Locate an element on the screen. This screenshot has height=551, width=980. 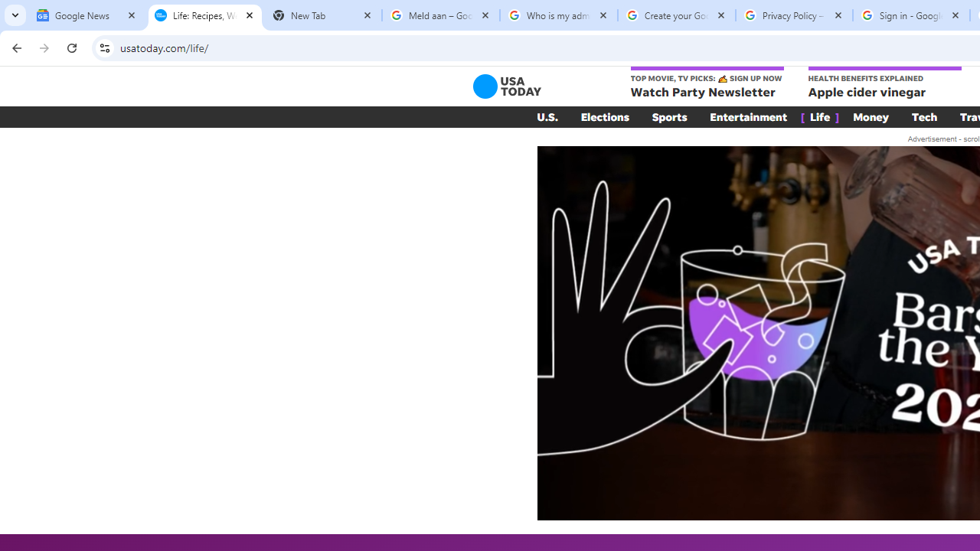
'Google News' is located at coordinates (86, 15).